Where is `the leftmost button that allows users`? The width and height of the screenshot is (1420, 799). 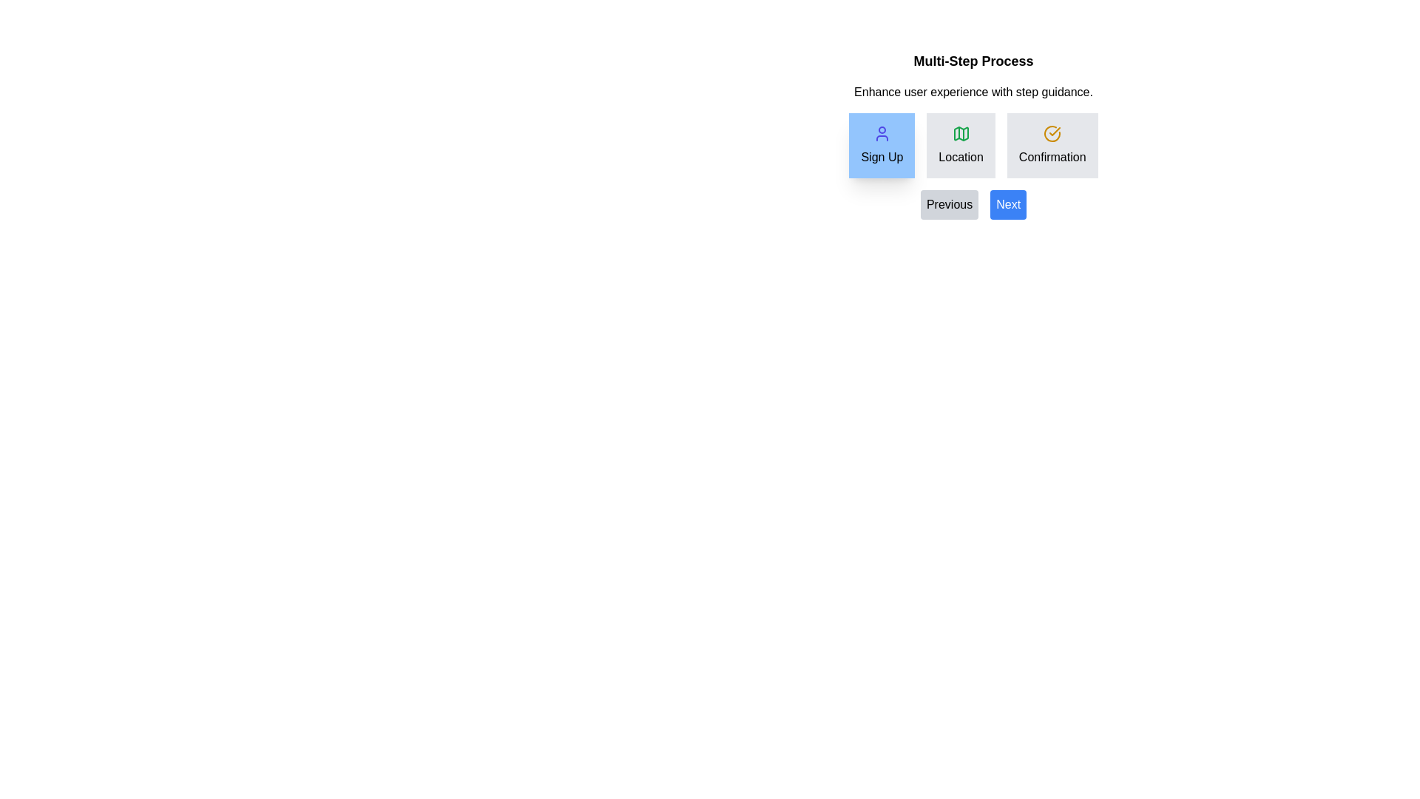
the leftmost button that allows users is located at coordinates (950, 205).